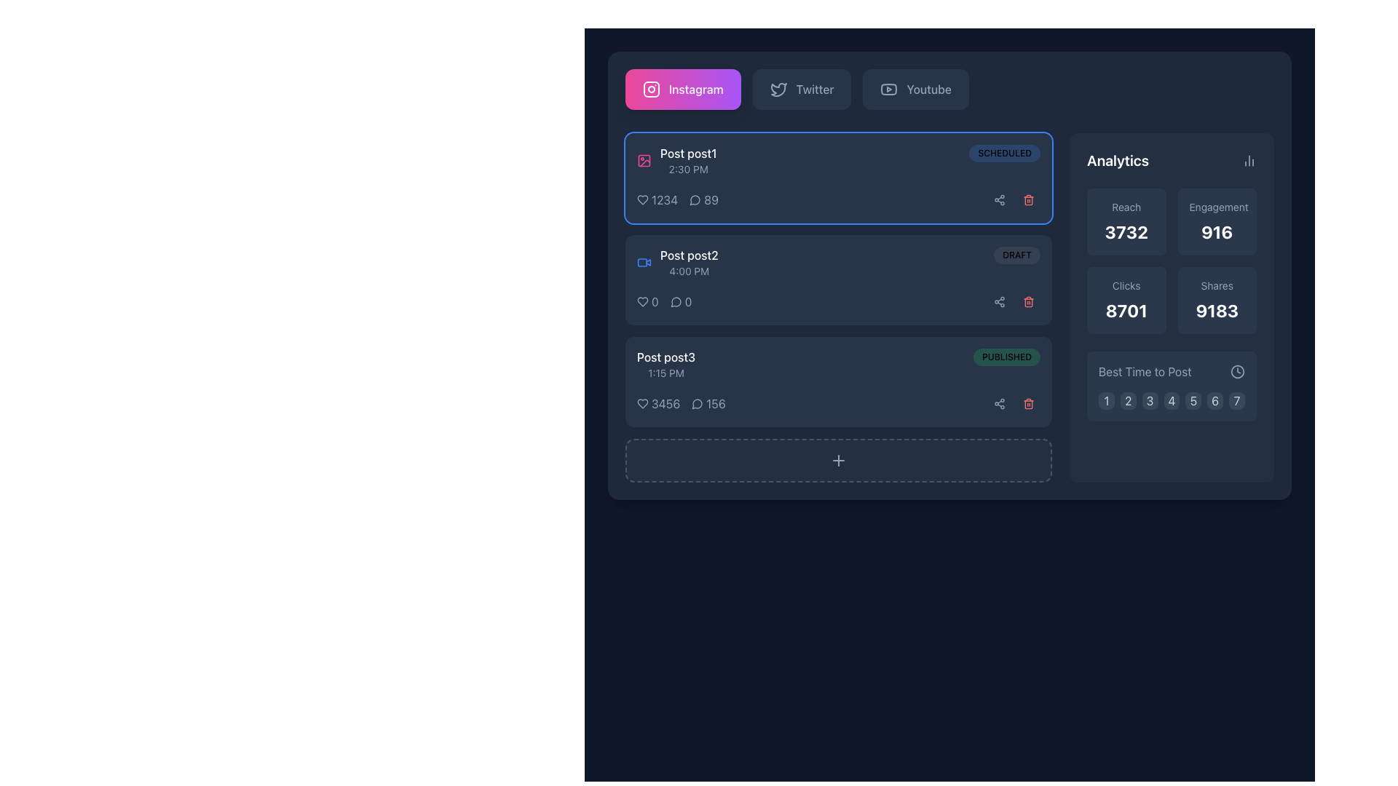 This screenshot has width=1398, height=786. Describe the element at coordinates (688, 271) in the screenshot. I see `the text label displaying '4:00 PM', which is styled in light slate-gray and positioned below 'Post post2' in the second post of a vertical list` at that location.